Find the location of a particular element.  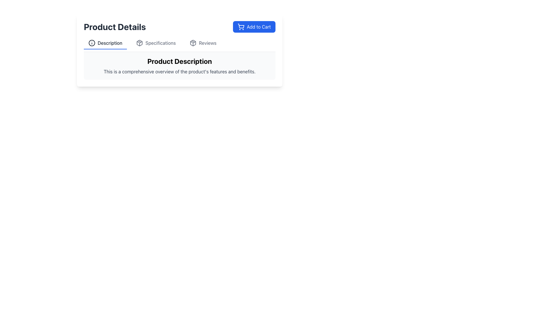

the 'Specifications' tab, which is the second tab in a horizontal row of tabs labeled 'Description', 'Specifications', and 'Reviews', featuring an icon resembling a package is located at coordinates (156, 43).